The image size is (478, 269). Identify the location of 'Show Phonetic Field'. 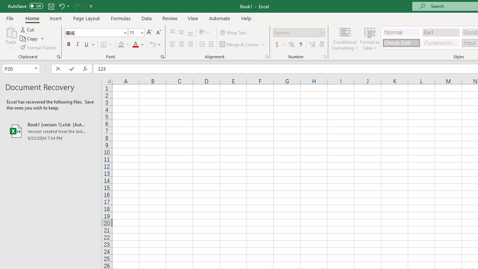
(155, 44).